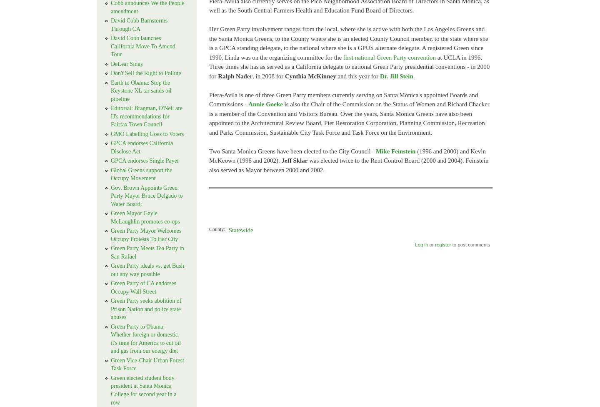 This screenshot has width=600, height=407. What do you see at coordinates (389, 57) in the screenshot?
I see `'first national Green Party convention'` at bounding box center [389, 57].